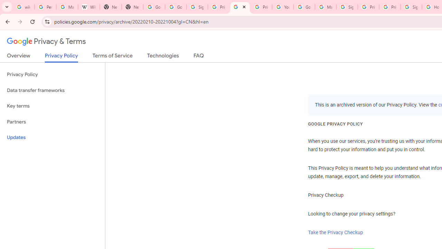  Describe the element at coordinates (52, 106) in the screenshot. I see `'Key terms'` at that location.